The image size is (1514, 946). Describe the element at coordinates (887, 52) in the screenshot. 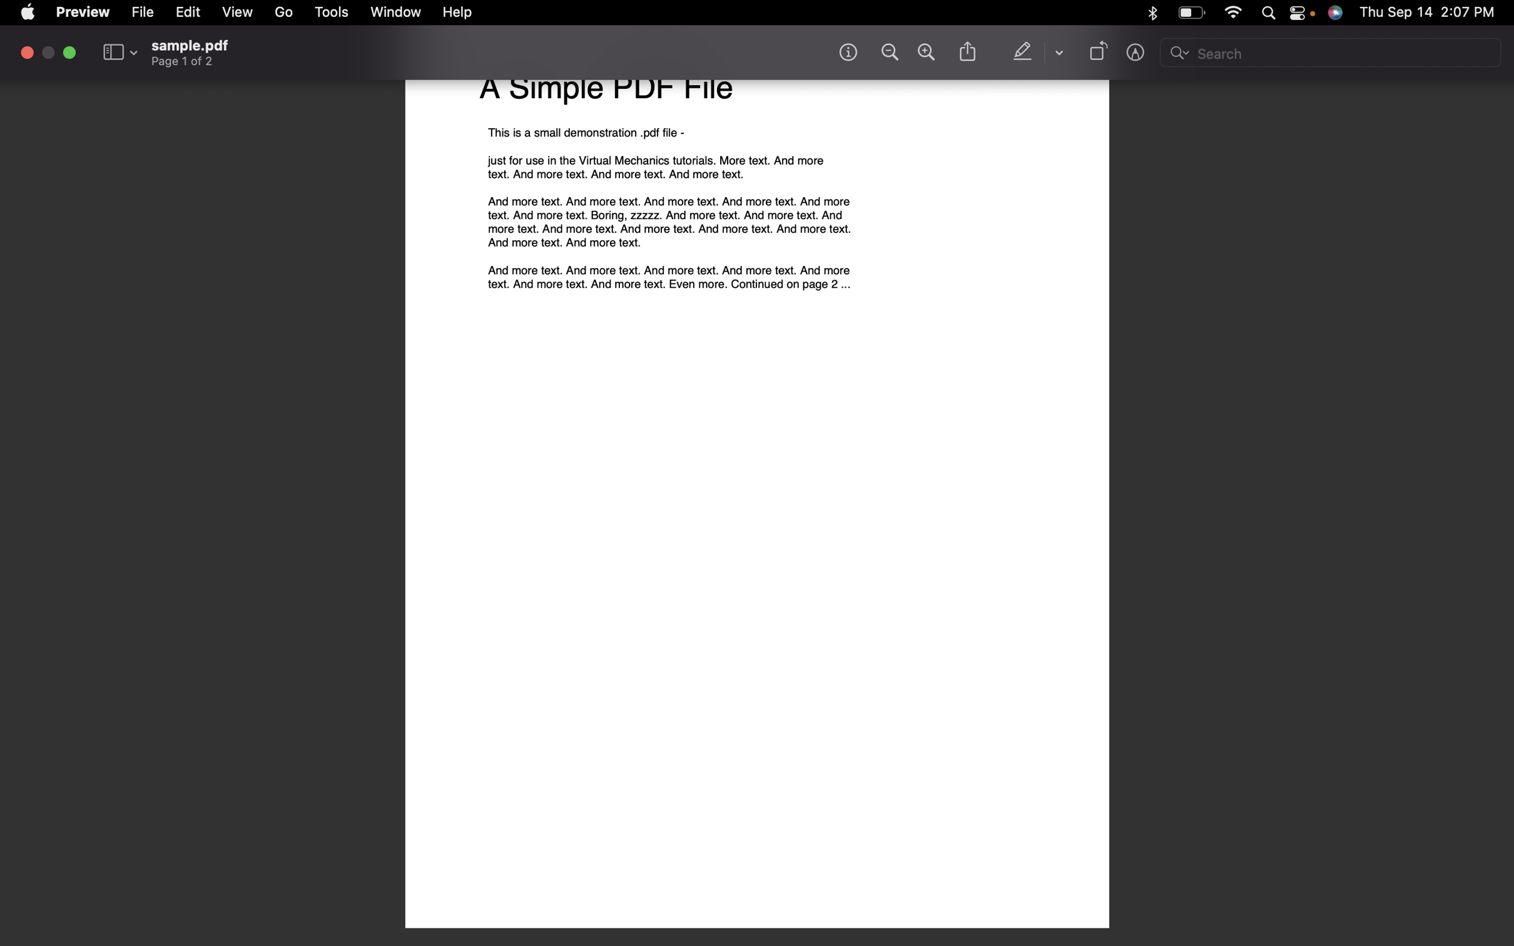

I see `the viewing scale of the document` at that location.